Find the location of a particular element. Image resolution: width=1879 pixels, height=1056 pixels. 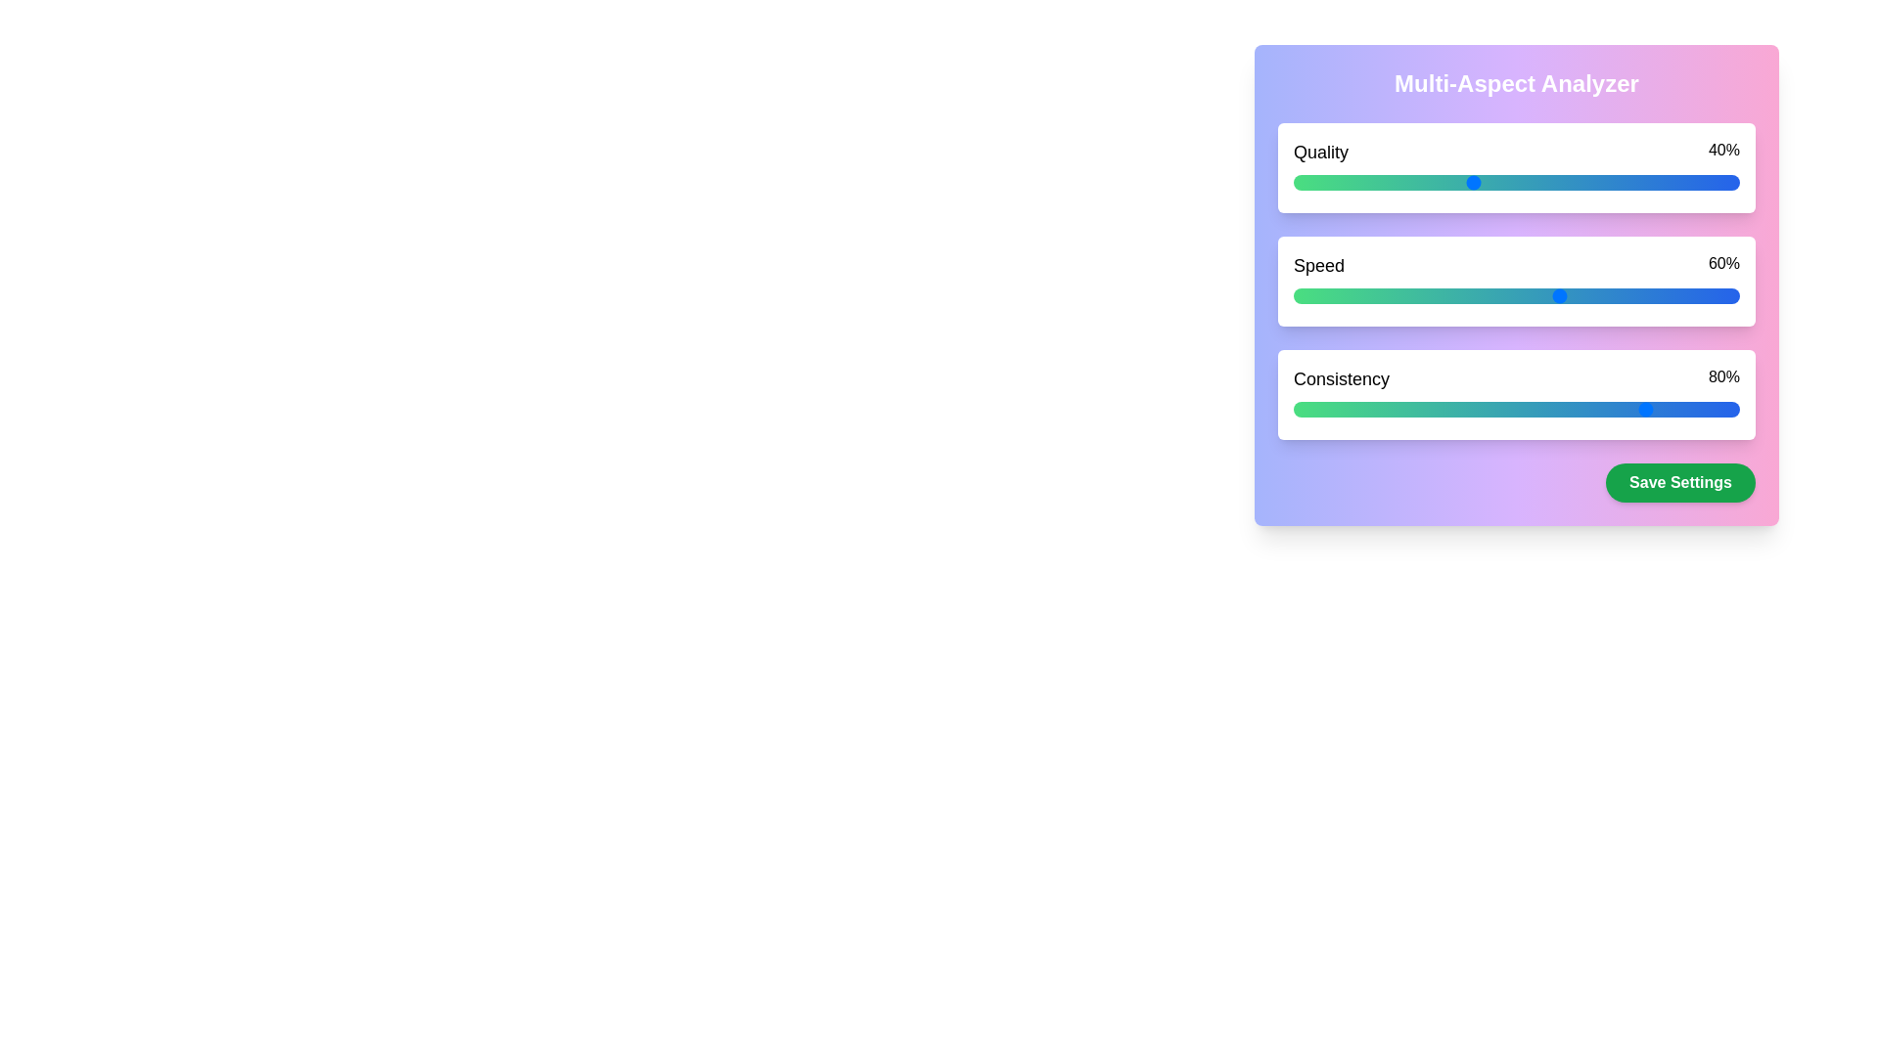

the slider value is located at coordinates (1486, 409).